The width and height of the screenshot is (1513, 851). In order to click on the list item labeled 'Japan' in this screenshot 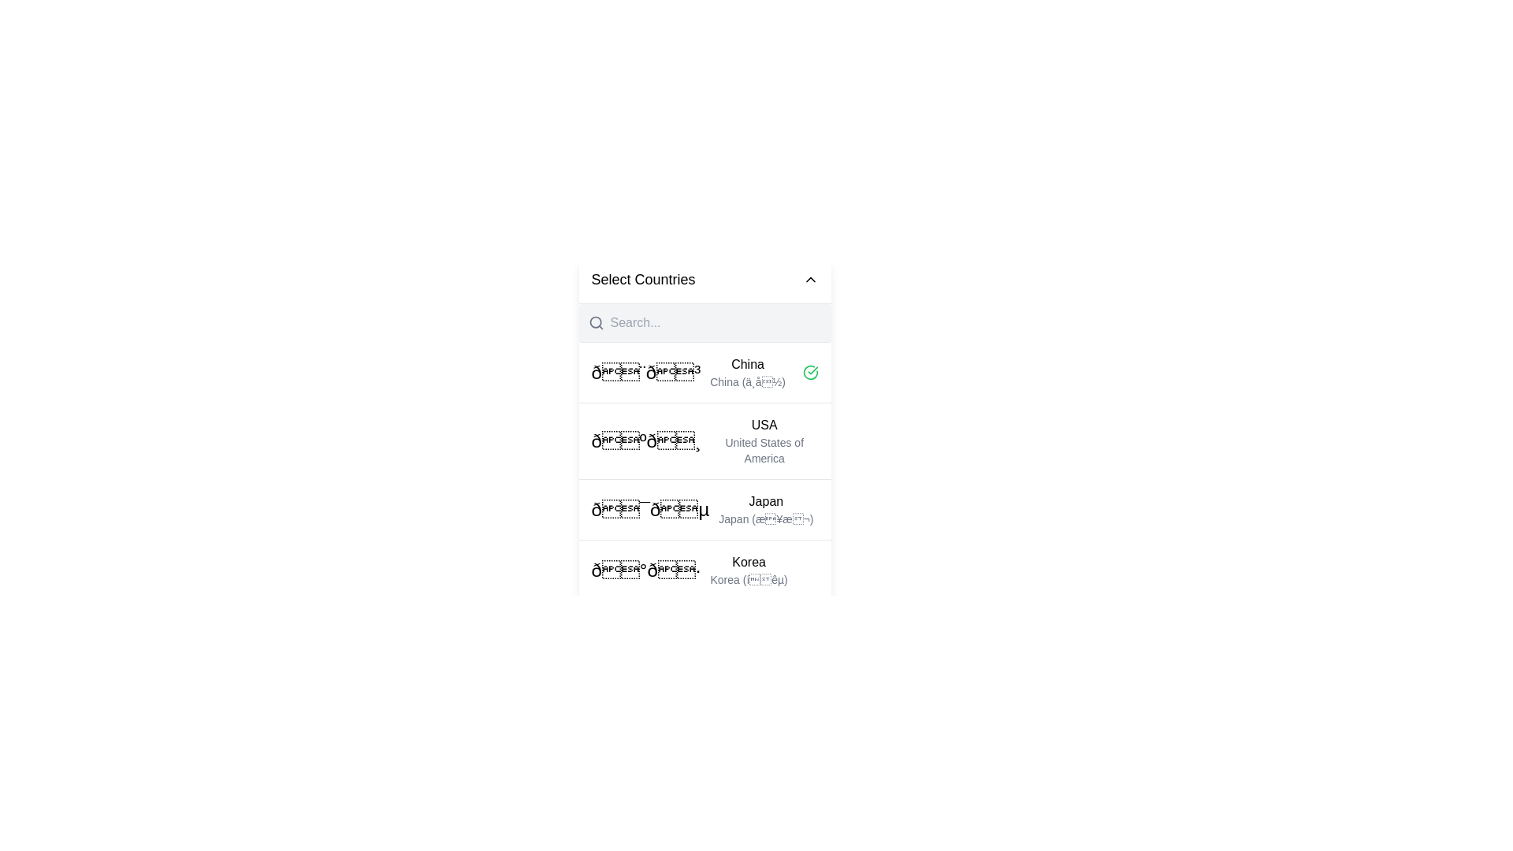, I will do `click(704, 504)`.